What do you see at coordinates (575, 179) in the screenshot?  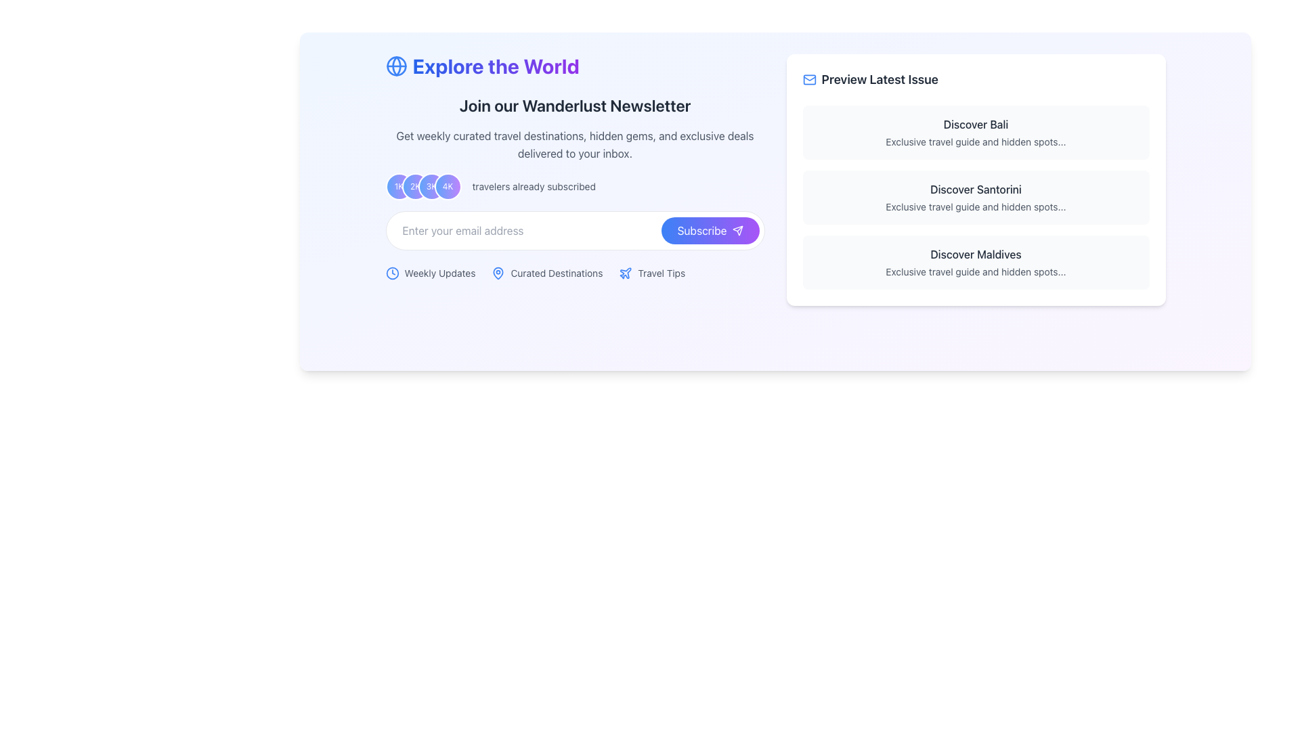 I see `the text that provides information about the number of users who have subscribed to the service, located centrally in the left grid column, below the circular icons and above the 'Subscribe' button` at bounding box center [575, 179].